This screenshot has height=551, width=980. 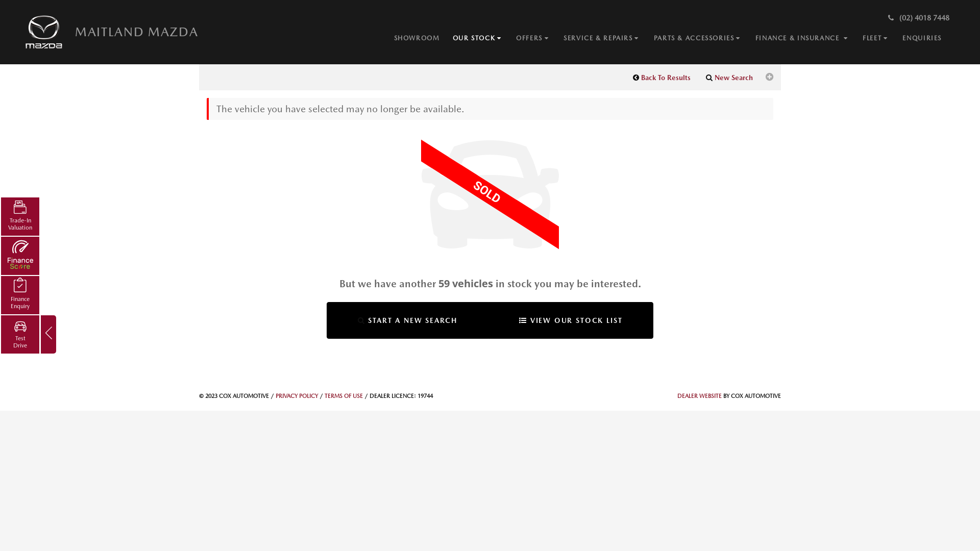 I want to click on 'Back To Results', so click(x=661, y=77).